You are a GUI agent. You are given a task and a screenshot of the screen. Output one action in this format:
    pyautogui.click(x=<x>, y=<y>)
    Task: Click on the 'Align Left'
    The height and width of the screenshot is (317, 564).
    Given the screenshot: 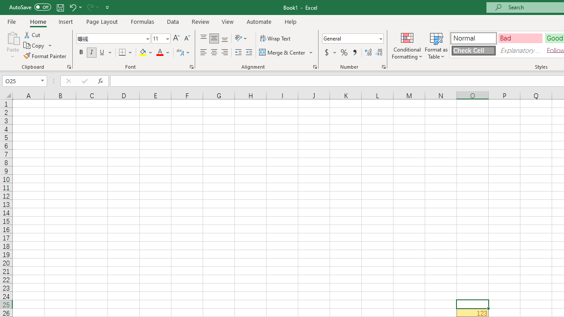 What is the action you would take?
    pyautogui.click(x=203, y=52)
    